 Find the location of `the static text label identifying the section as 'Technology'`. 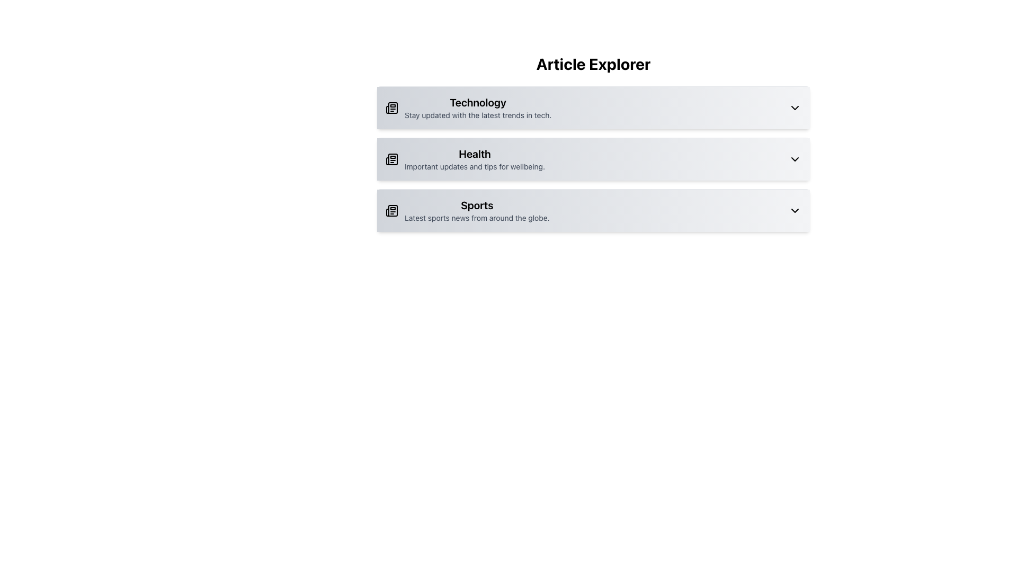

the static text label identifying the section as 'Technology' is located at coordinates (477, 102).